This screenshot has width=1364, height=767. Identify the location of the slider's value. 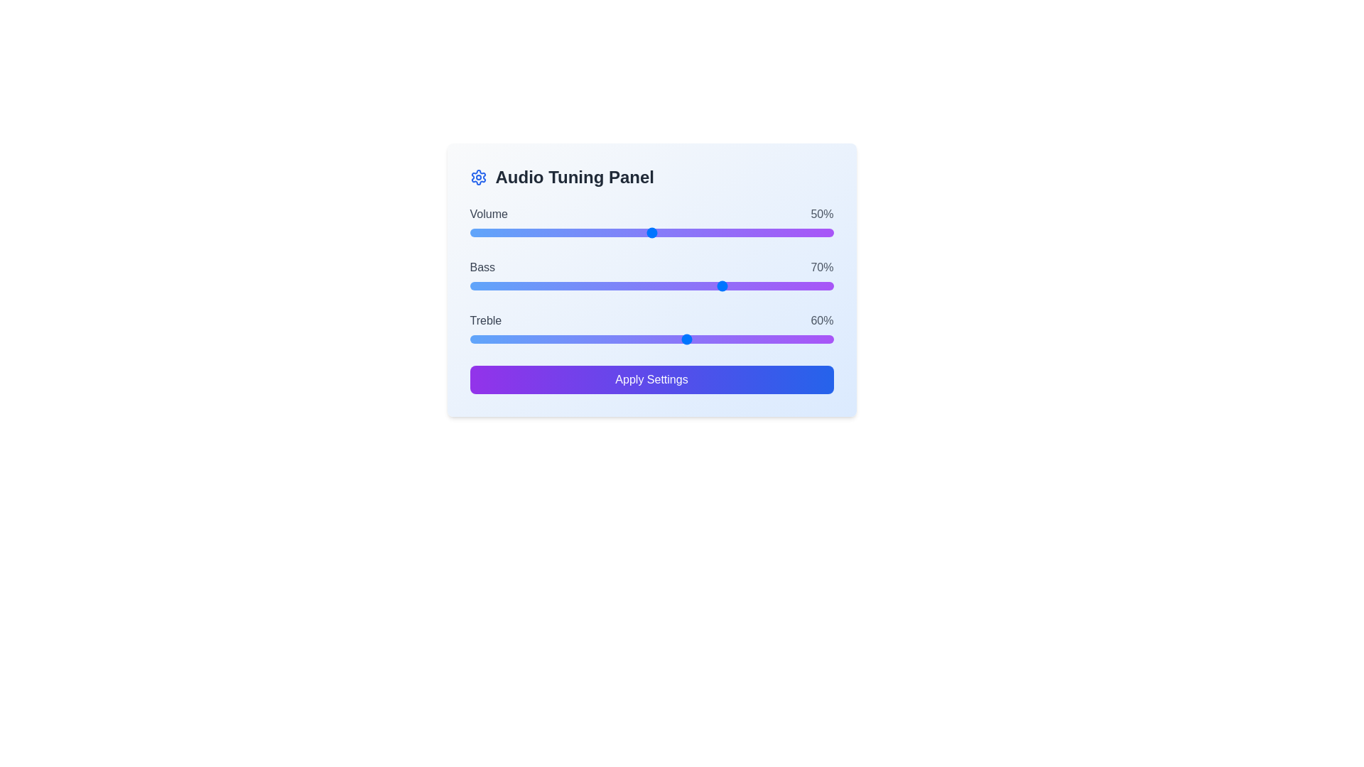
(640, 339).